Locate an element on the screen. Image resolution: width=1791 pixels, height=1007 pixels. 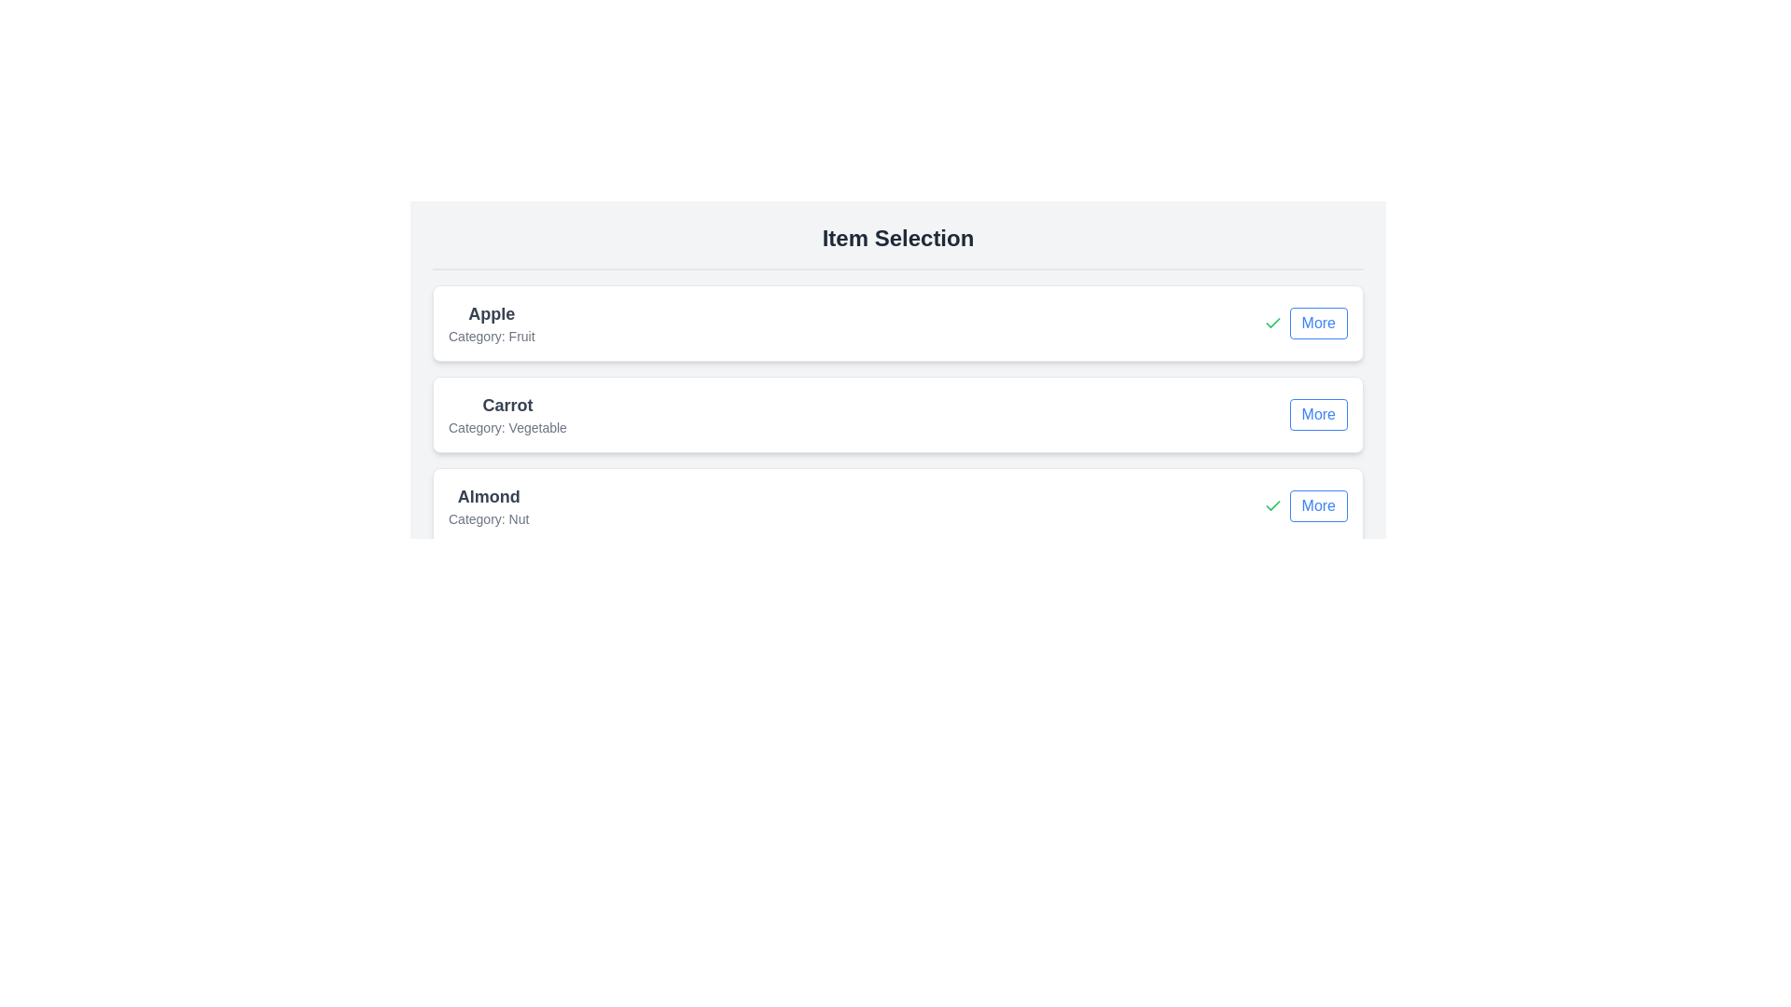
the green checkmark SVG icon indicating the selection of 'Apple' in the list is located at coordinates (1271, 505).